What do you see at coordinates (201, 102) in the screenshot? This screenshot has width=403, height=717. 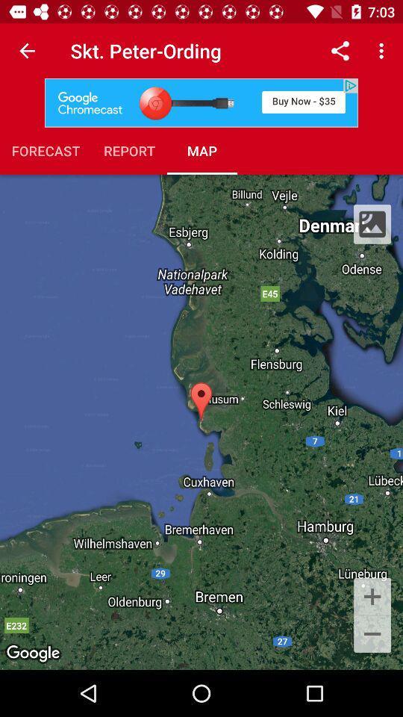 I see `advertisement` at bounding box center [201, 102].